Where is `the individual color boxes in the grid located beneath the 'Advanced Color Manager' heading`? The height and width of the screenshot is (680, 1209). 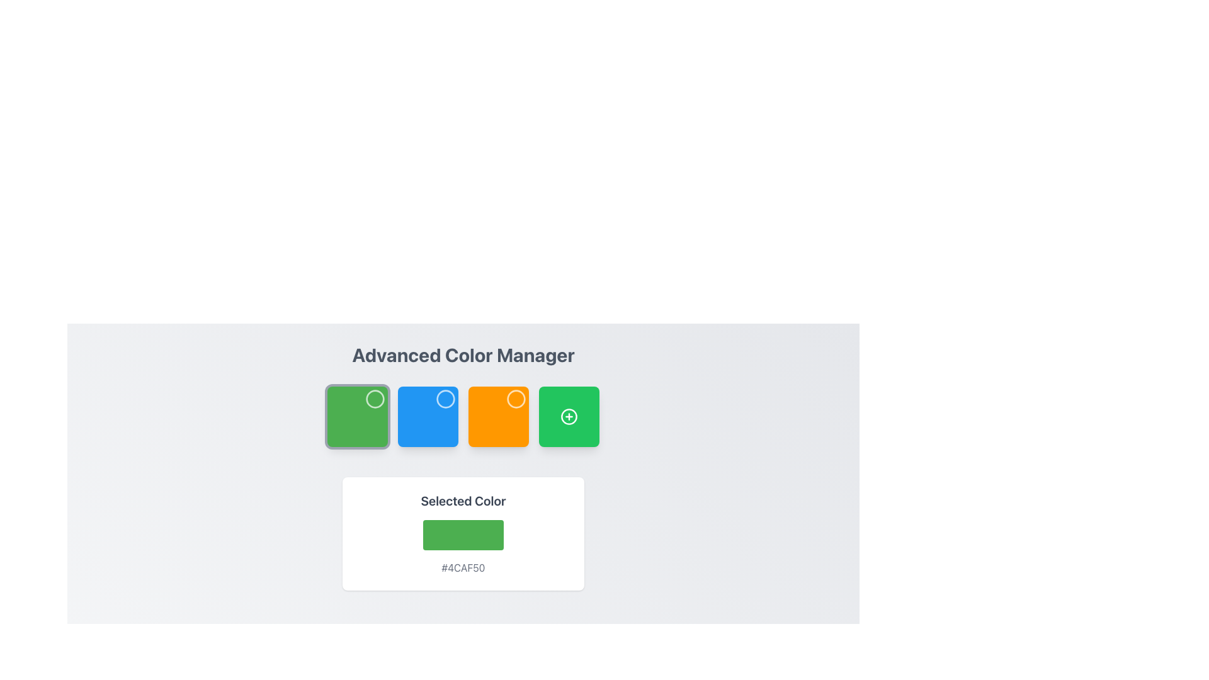
the individual color boxes in the grid located beneath the 'Advanced Color Manager' heading is located at coordinates (462, 417).